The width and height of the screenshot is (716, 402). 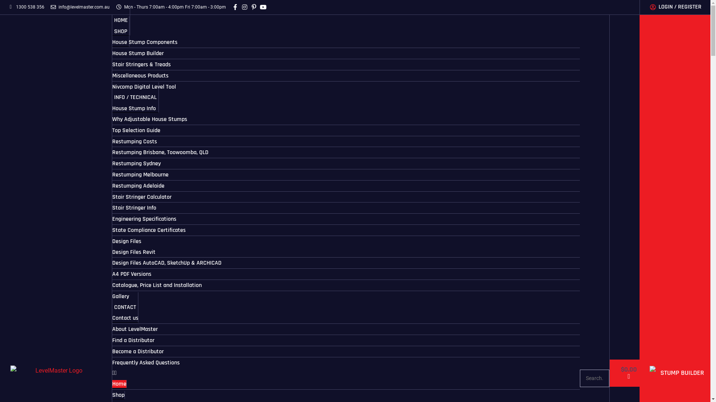 I want to click on 'CONTACT', so click(x=125, y=307).